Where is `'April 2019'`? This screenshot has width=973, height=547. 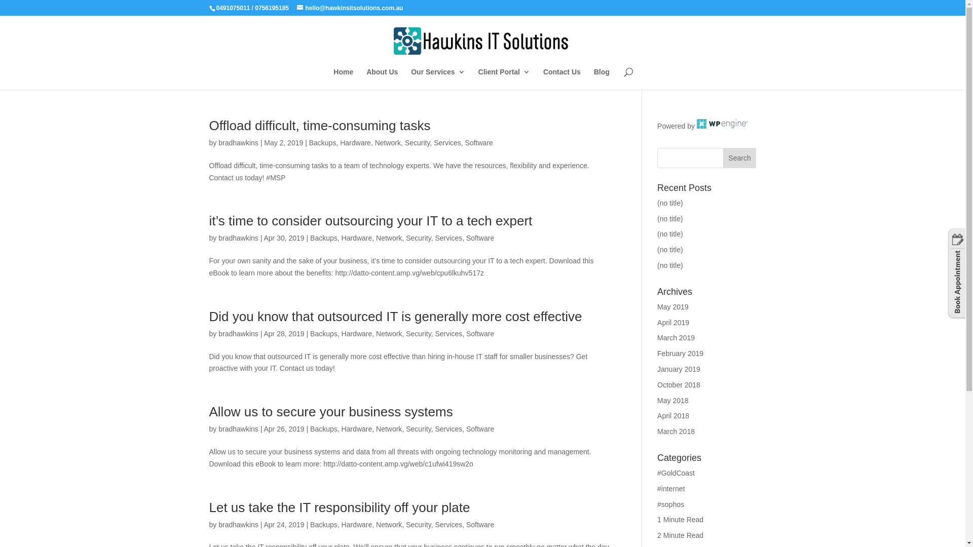
'April 2019' is located at coordinates (657, 322).